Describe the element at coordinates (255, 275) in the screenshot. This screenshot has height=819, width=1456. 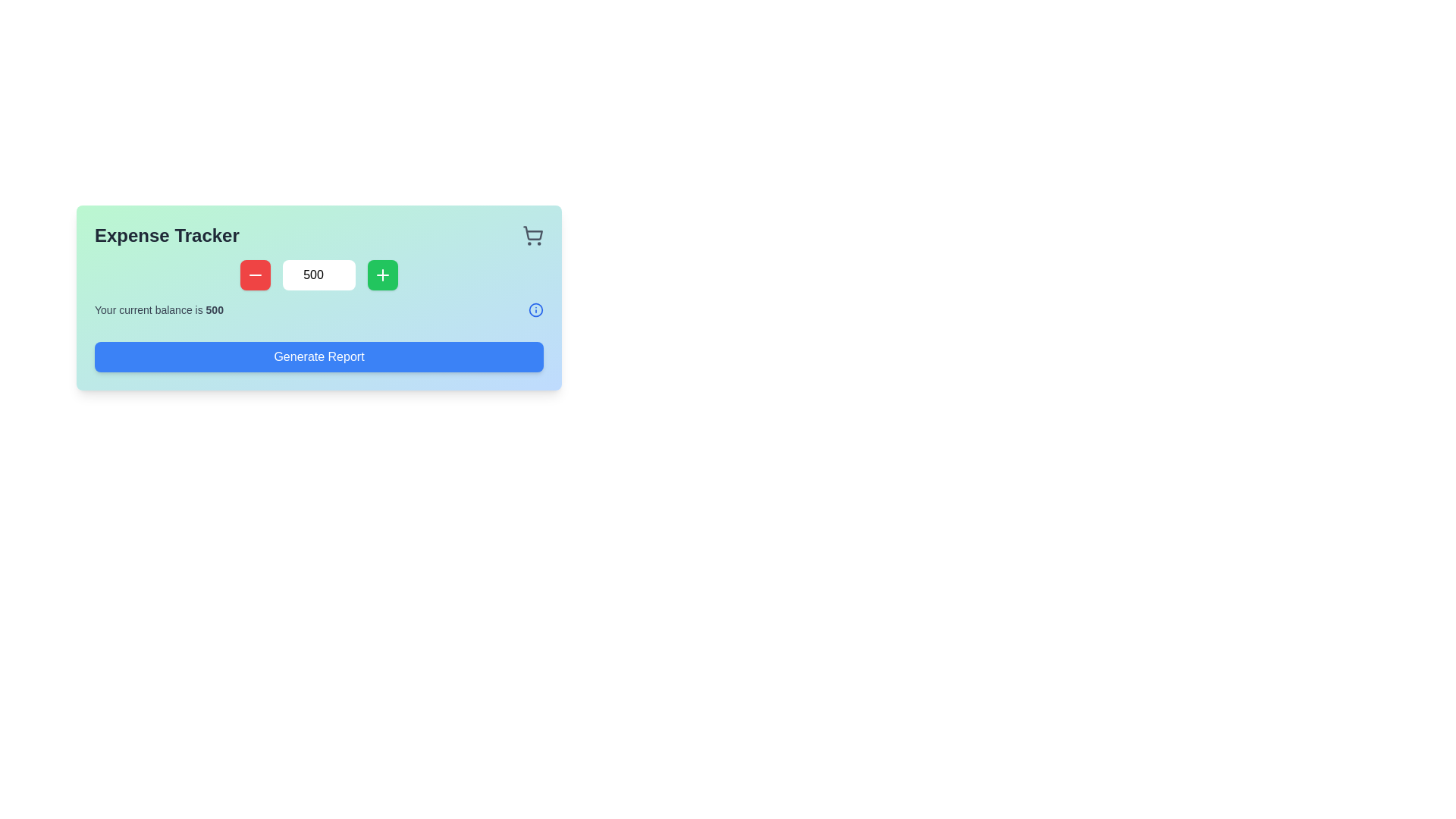
I see `the small horizontal minus icon located inside the circular area of the red button, positioned near the top left of the user interface panel` at that location.